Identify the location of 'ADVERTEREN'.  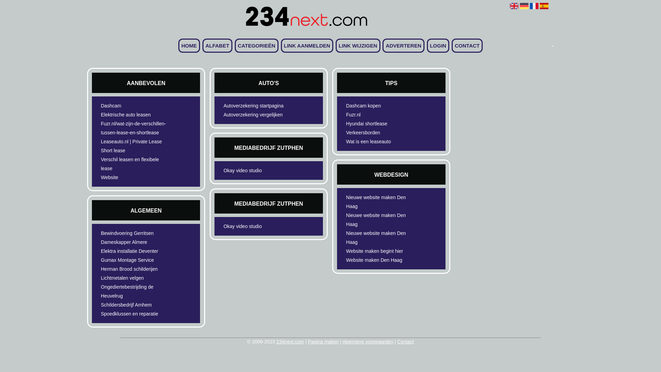
(403, 45).